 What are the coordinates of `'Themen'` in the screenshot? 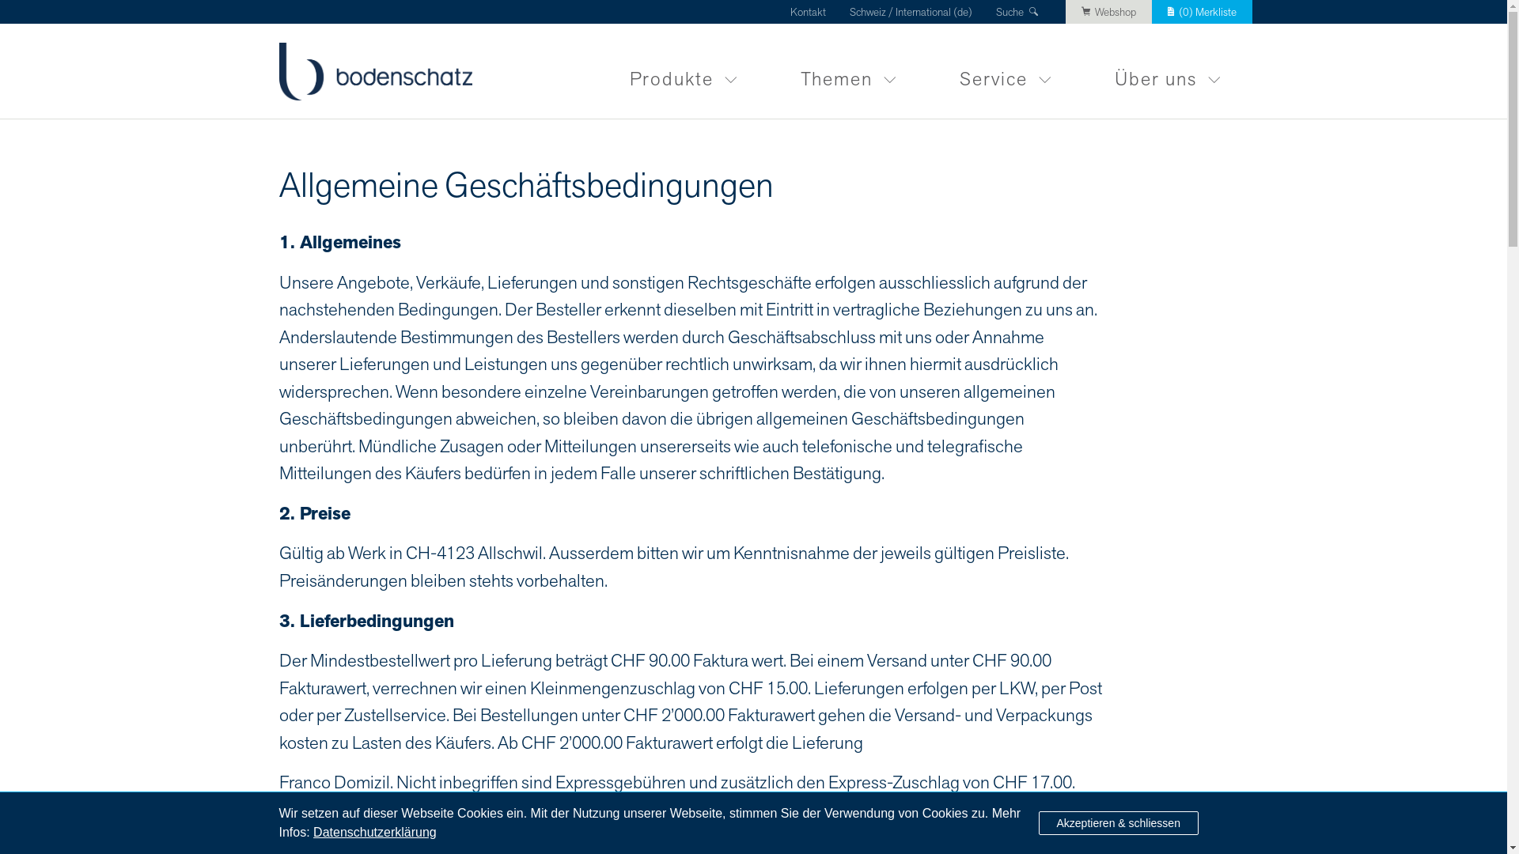 It's located at (768, 70).